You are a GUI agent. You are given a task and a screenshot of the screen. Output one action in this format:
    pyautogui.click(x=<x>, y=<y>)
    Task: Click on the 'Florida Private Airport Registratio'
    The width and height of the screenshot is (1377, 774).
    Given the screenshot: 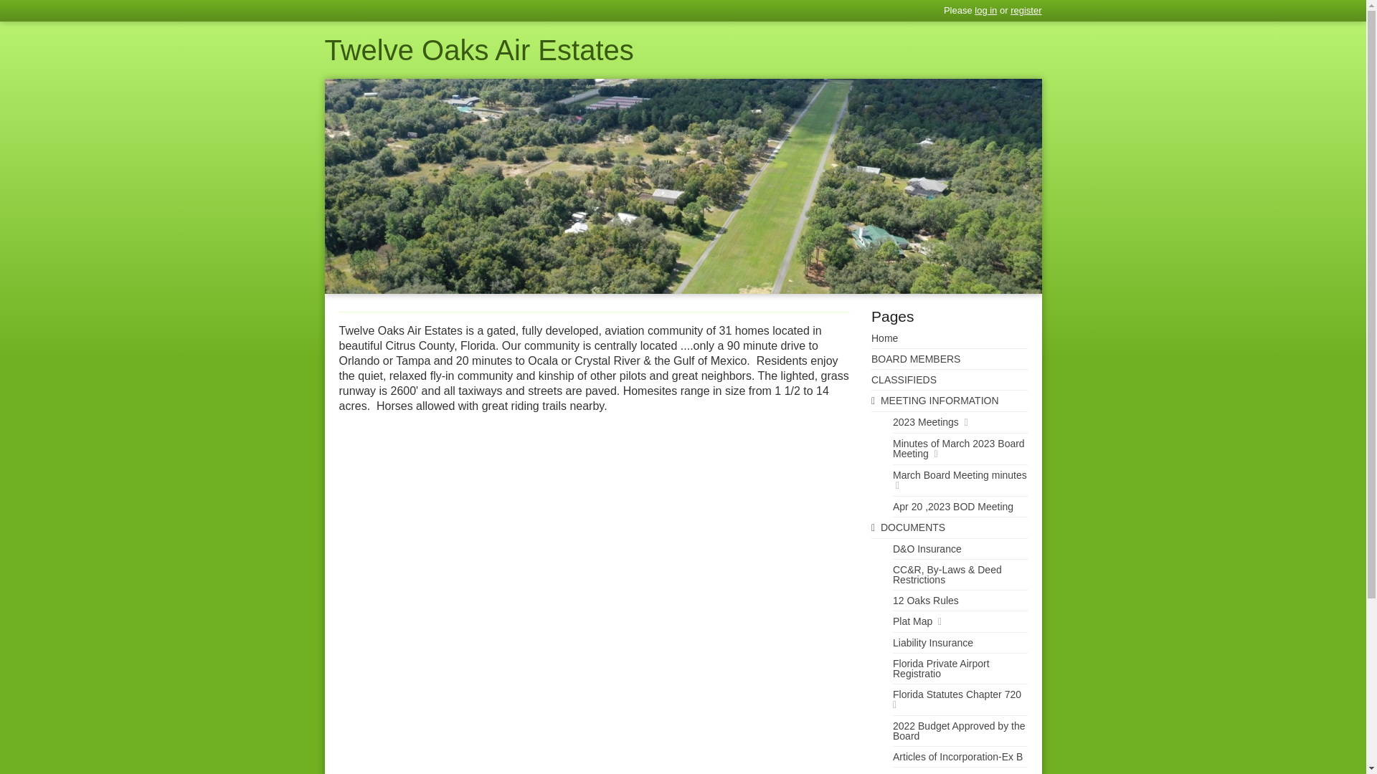 What is the action you would take?
    pyautogui.click(x=950, y=669)
    